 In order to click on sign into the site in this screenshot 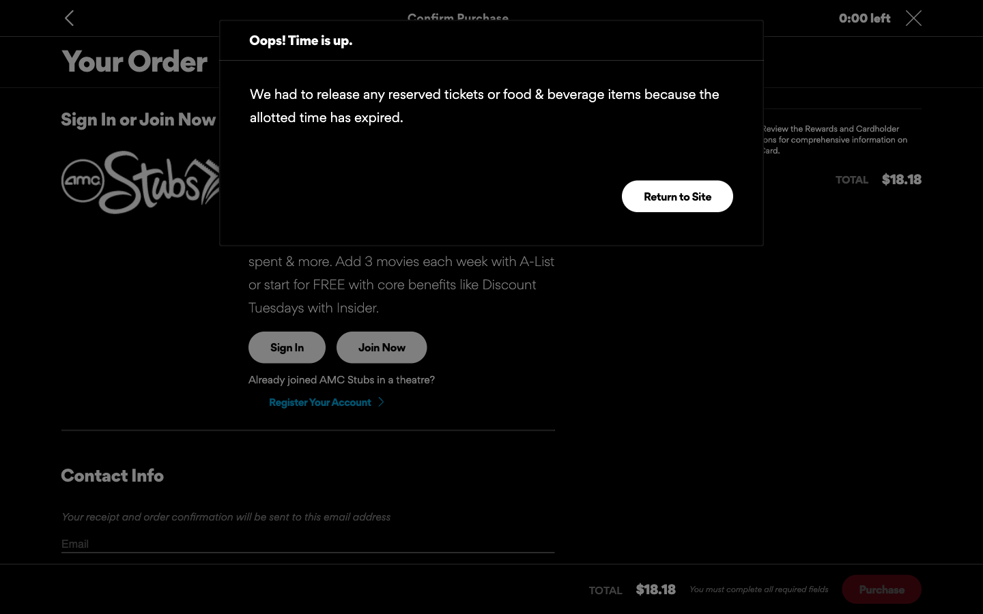, I will do `click(286, 347)`.